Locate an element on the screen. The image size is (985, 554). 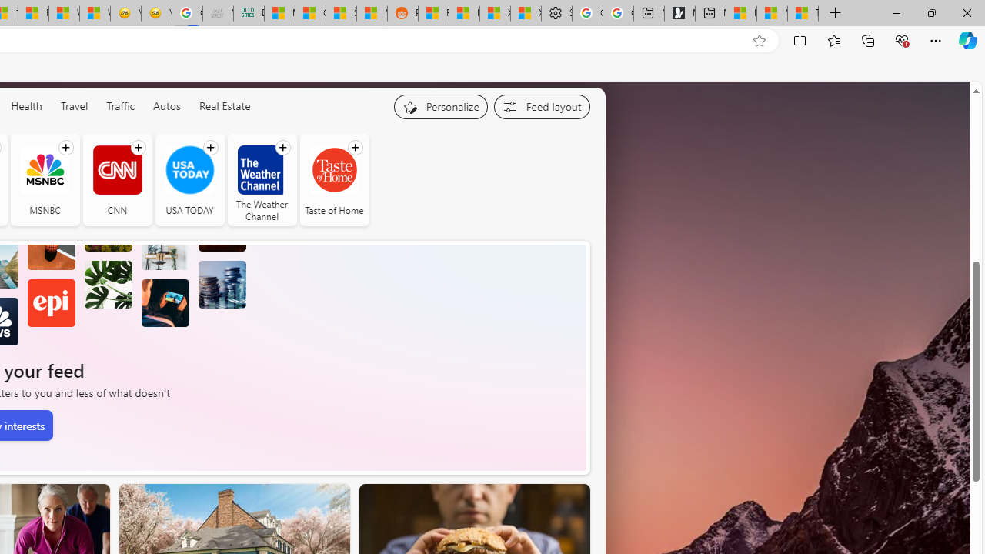
'CNN' is located at coordinates (116, 169).